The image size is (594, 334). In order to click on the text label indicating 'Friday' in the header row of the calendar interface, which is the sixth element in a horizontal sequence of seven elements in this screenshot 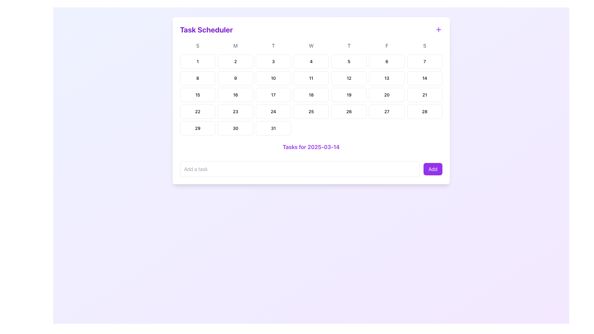, I will do `click(386, 45)`.